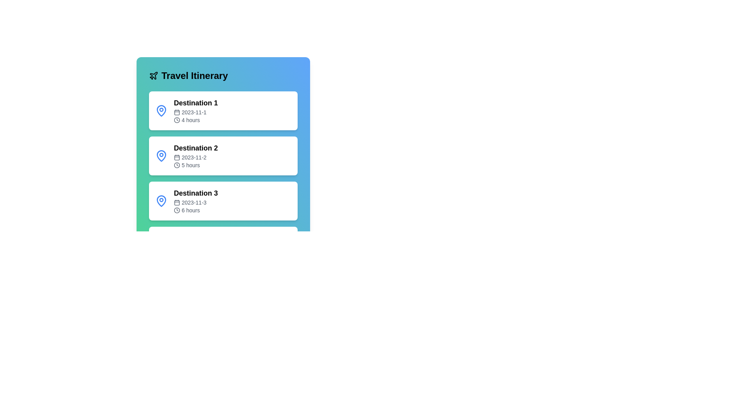 This screenshot has height=420, width=747. What do you see at coordinates (196, 120) in the screenshot?
I see `the text label reading '4 hours' which is styled in small gray font and accompanied by a clock icon, located in the first card under the 'Travel Itinerary' section` at bounding box center [196, 120].